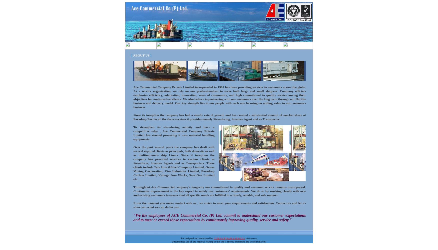 Image resolution: width=438 pixels, height=250 pixels. I want to click on '[', so click(132, 55).